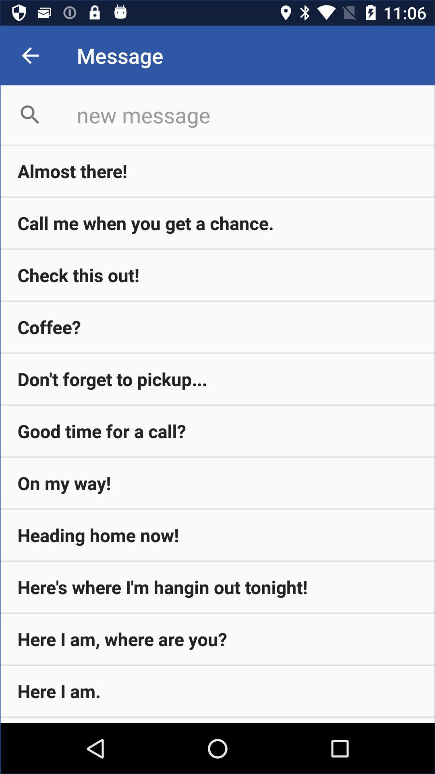  What do you see at coordinates (217, 223) in the screenshot?
I see `the item below almost there! icon` at bounding box center [217, 223].